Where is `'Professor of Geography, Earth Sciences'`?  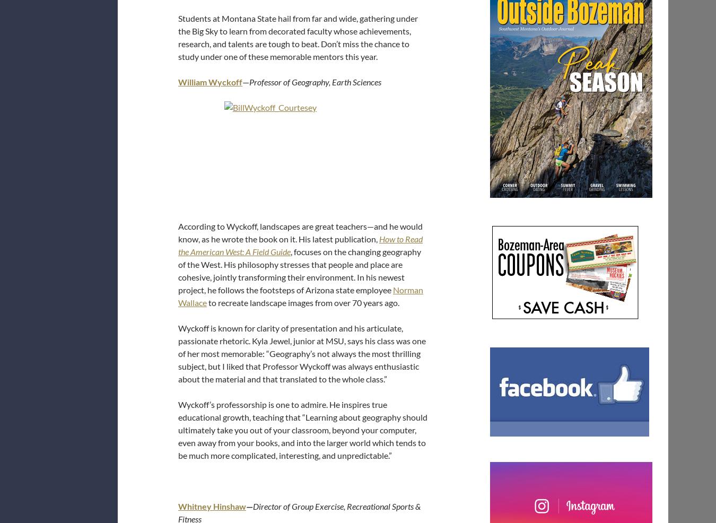 'Professor of Geography, Earth Sciences' is located at coordinates (315, 82).